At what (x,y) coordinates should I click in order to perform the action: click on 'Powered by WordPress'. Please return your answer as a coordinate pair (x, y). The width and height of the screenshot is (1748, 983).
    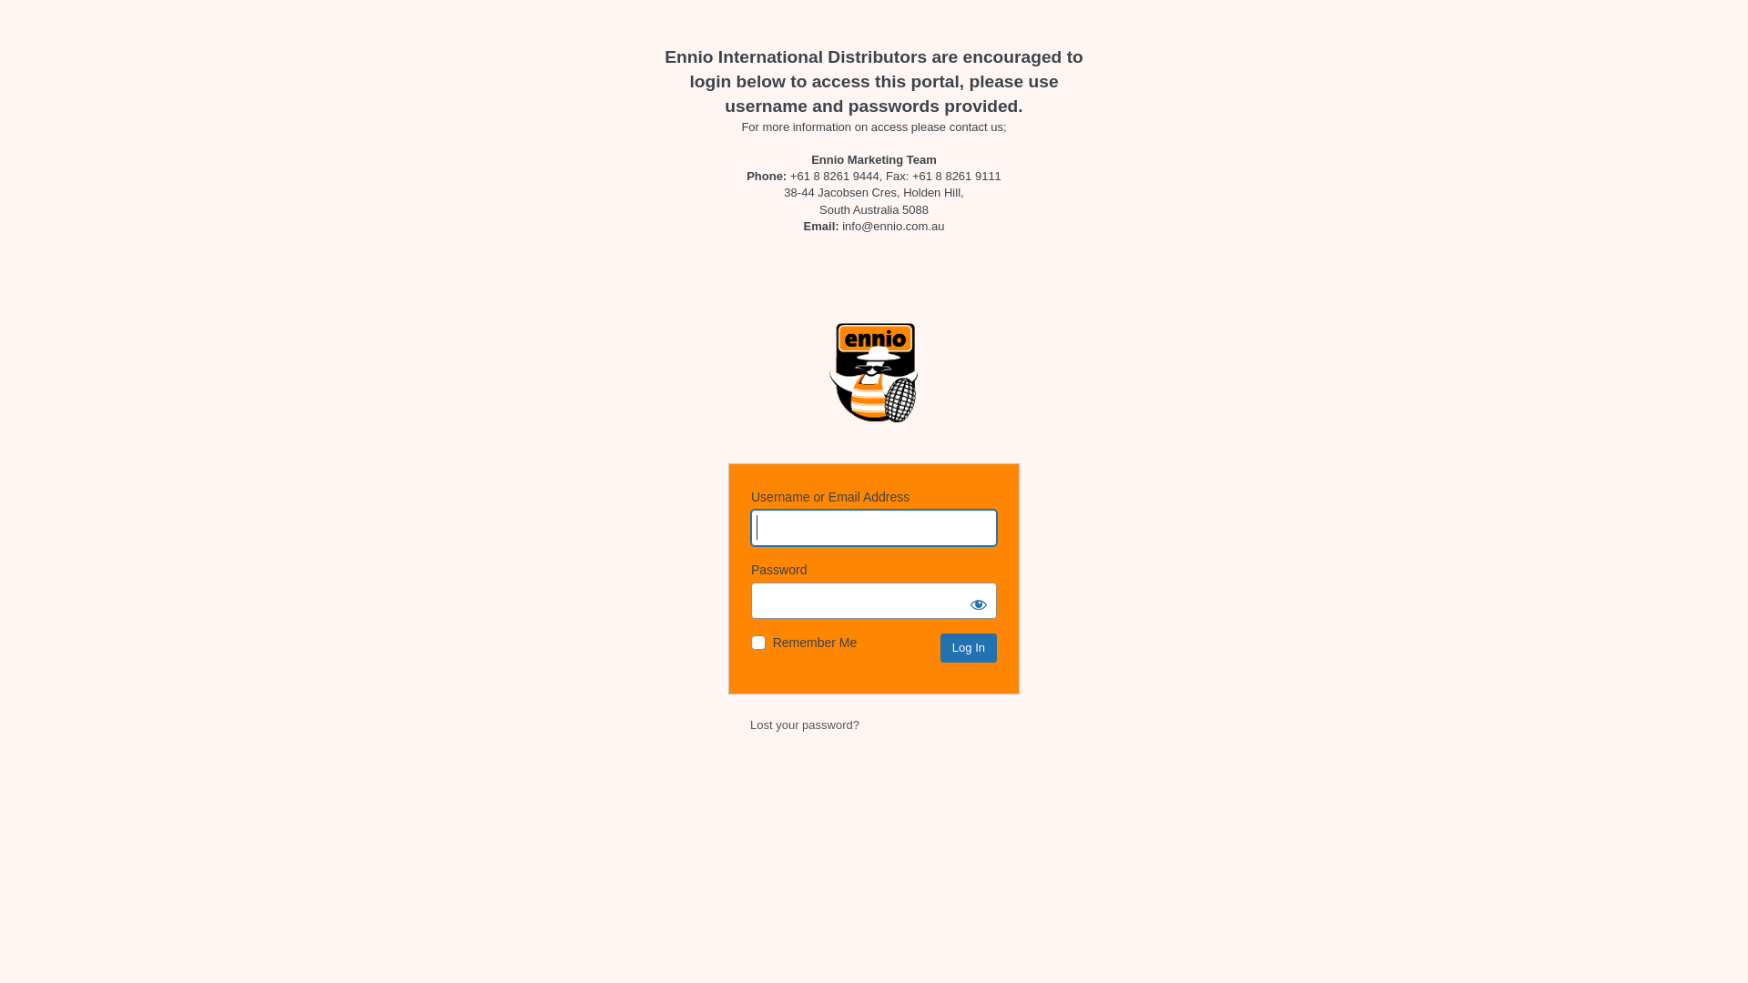
    Looking at the image, I should click on (874, 380).